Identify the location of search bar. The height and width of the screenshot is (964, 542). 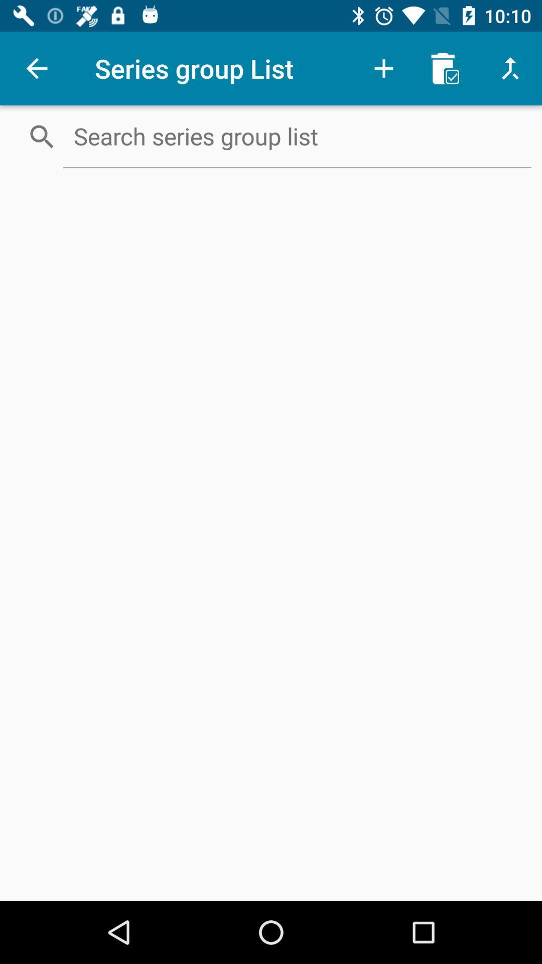
(297, 136).